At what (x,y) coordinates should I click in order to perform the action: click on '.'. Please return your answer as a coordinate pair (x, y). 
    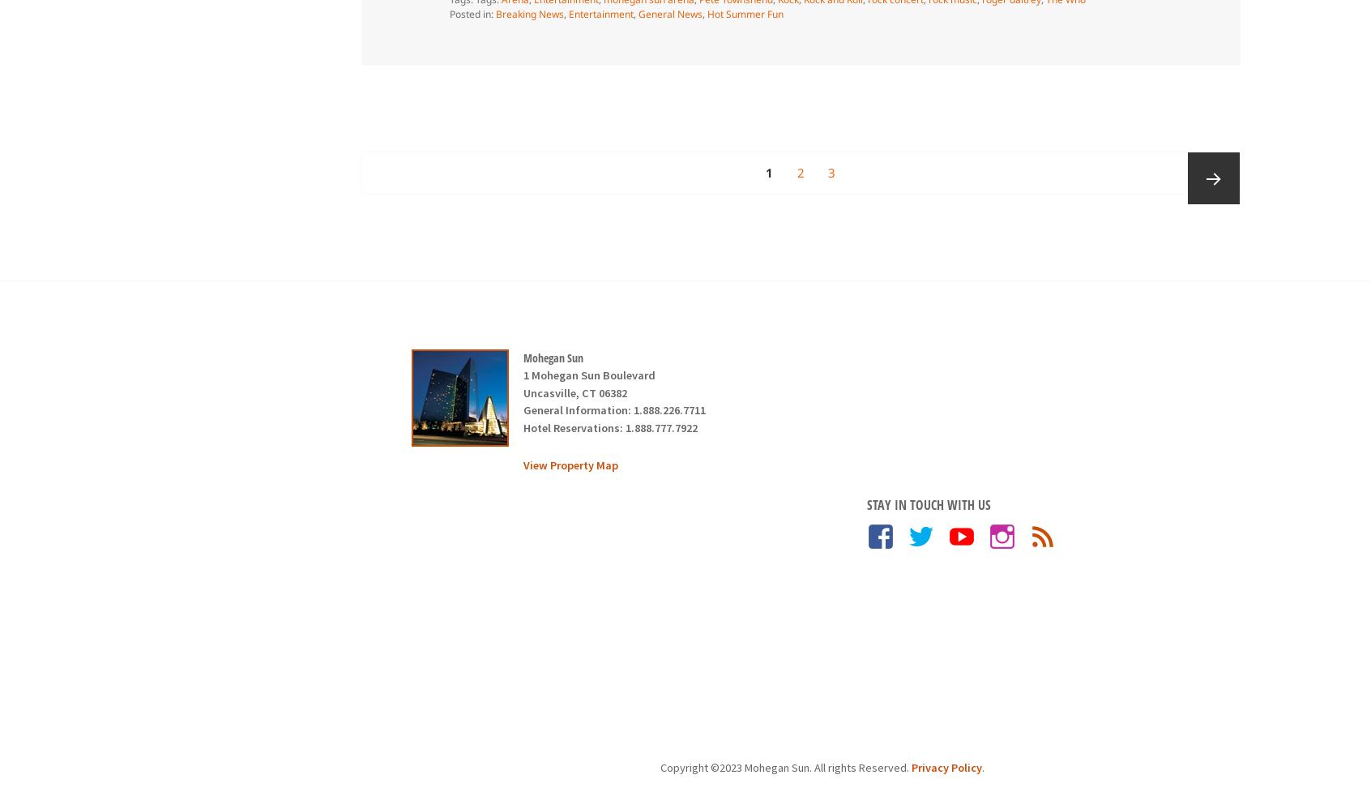
    Looking at the image, I should click on (981, 767).